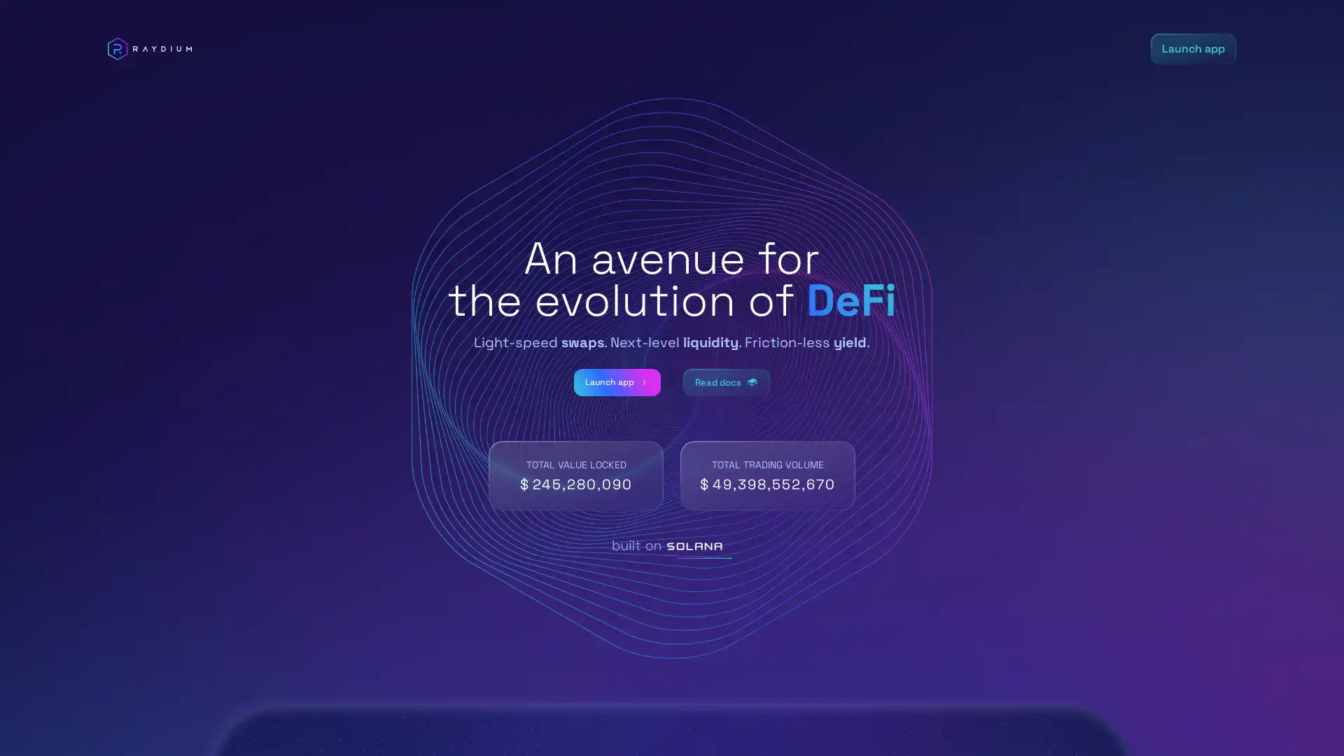 The image size is (1344, 756). Describe the element at coordinates (1192, 48) in the screenshot. I see `Launch app` at that location.